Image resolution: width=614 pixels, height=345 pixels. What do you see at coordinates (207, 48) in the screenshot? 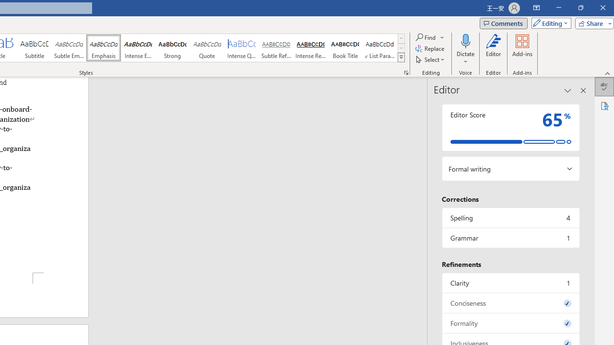
I see `'Quote'` at bounding box center [207, 48].